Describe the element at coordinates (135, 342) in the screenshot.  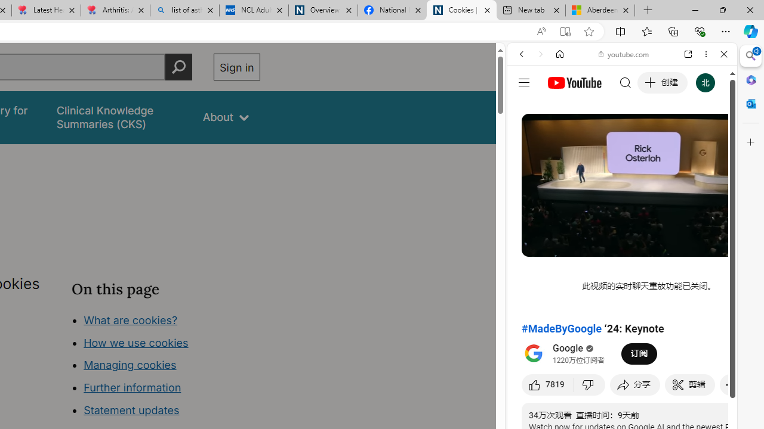
I see `'How we use cookies'` at that location.